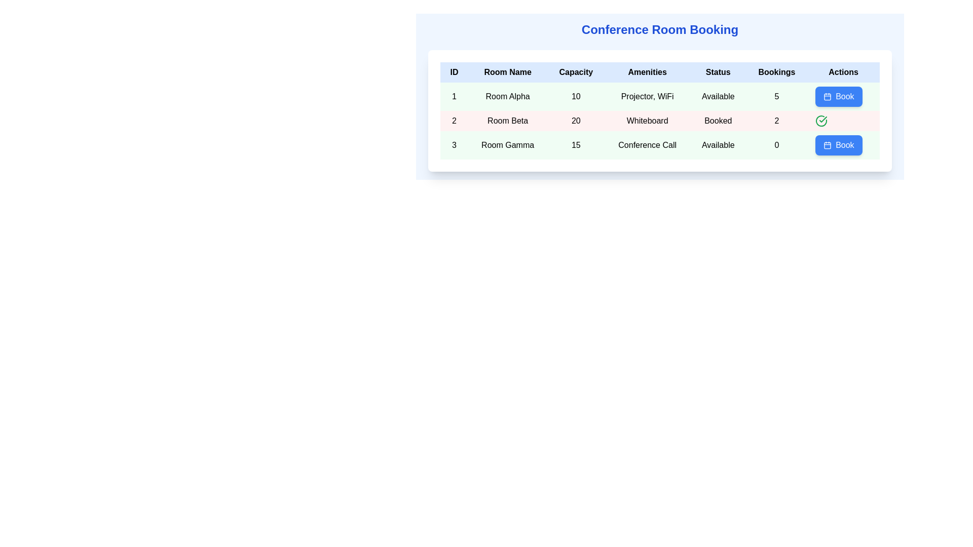 Image resolution: width=973 pixels, height=547 pixels. Describe the element at coordinates (843, 97) in the screenshot. I see `the blue rectangular button with rounded corners labeled 'Book' to initiate booking` at that location.